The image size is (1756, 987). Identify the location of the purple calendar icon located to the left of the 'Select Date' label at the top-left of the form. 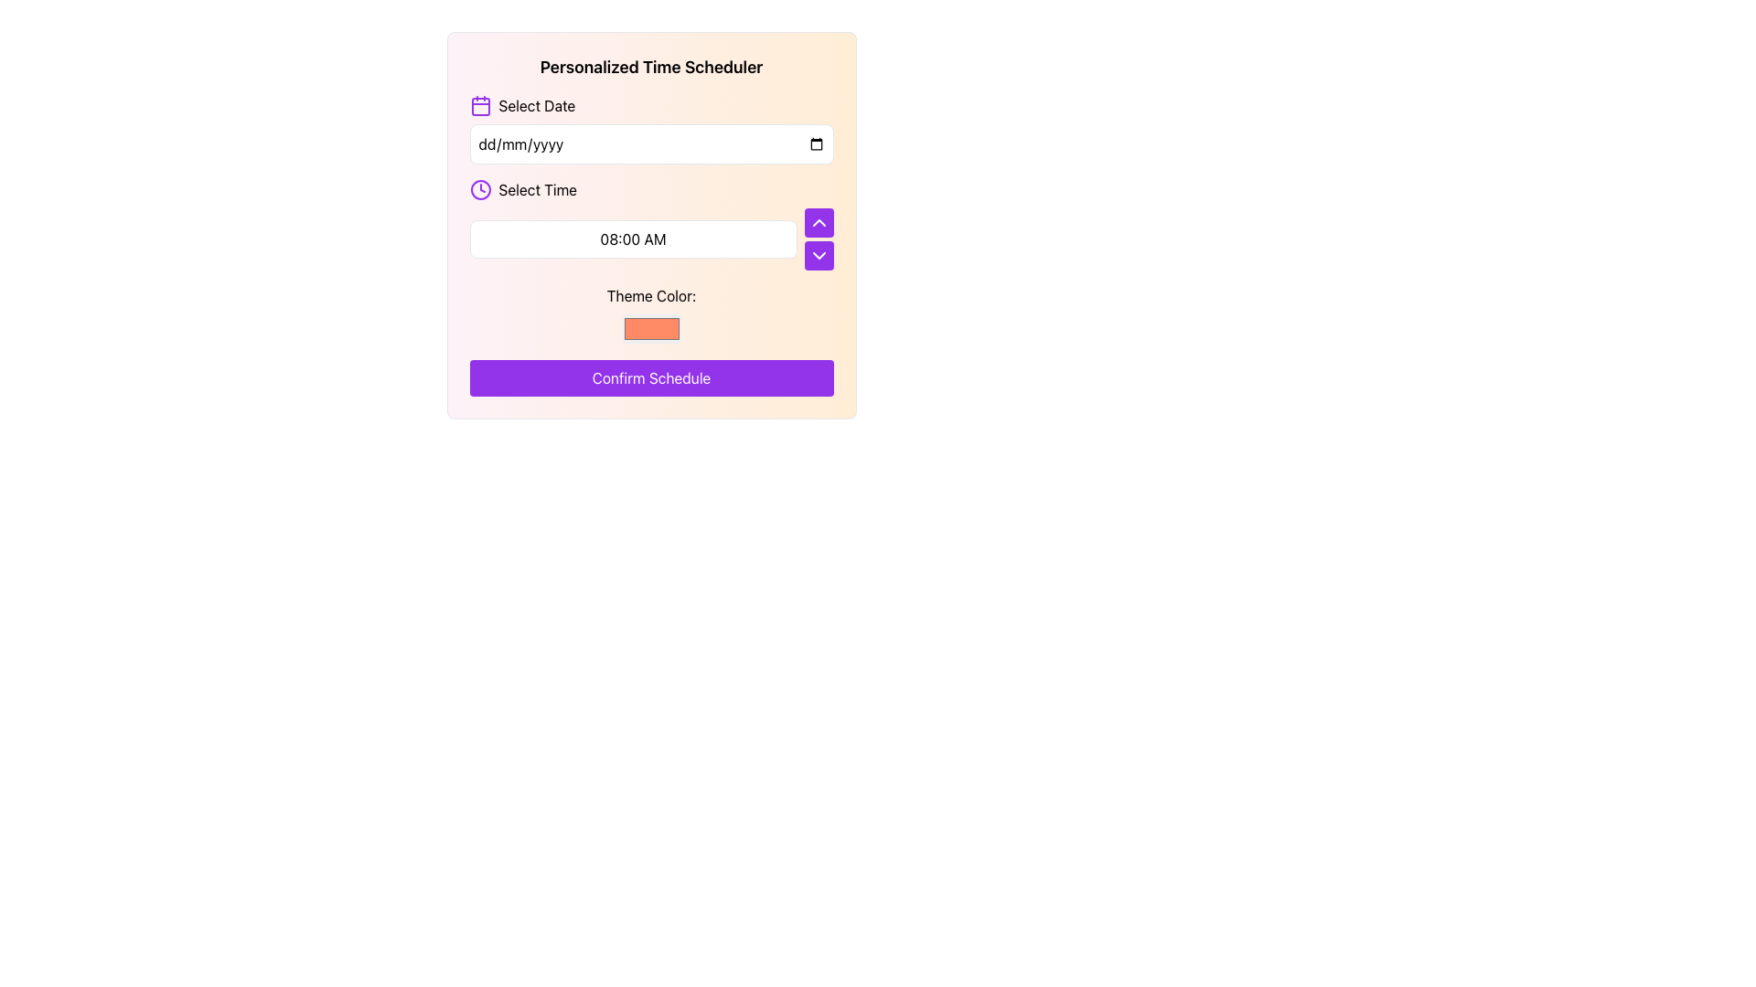
(480, 105).